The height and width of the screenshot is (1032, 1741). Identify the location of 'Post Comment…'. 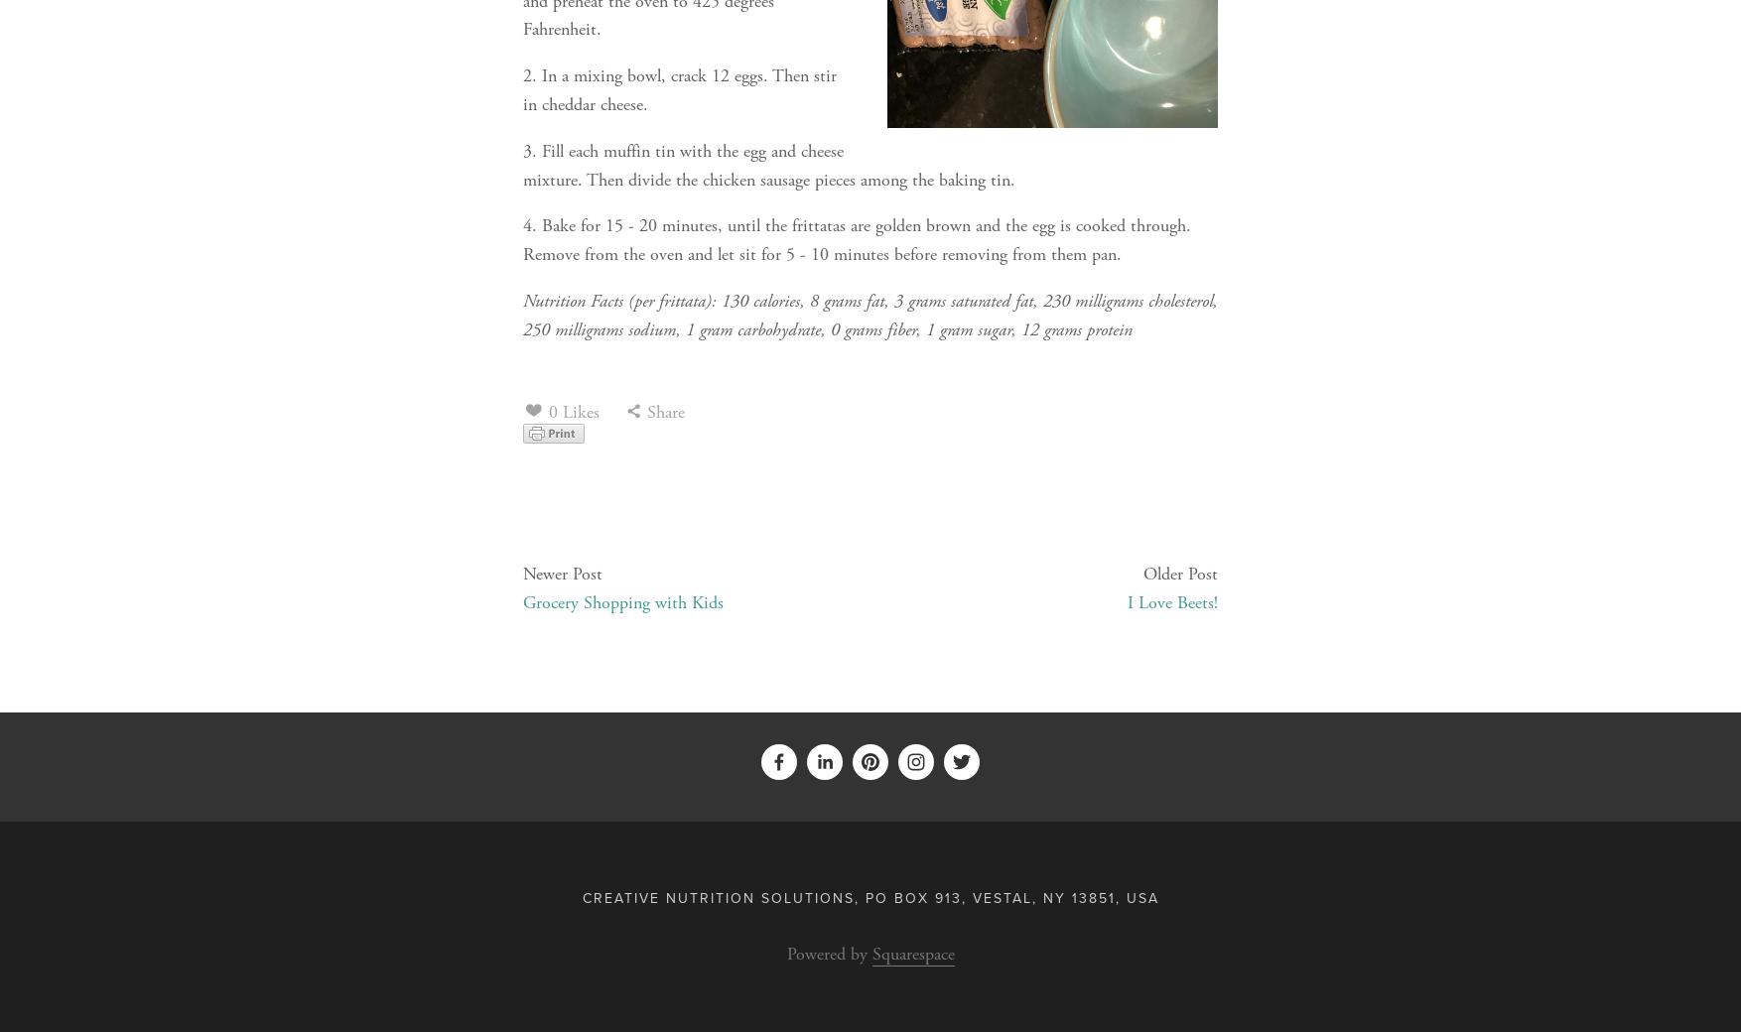
(1121, 720).